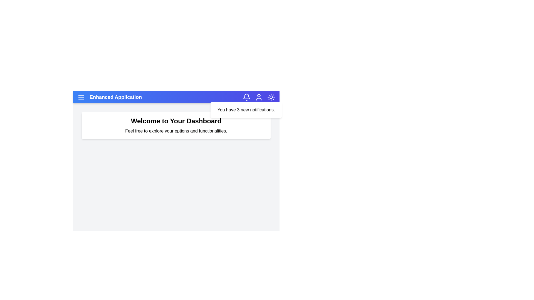  I want to click on the bell icon to toggle the visibility of the notifications, so click(246, 97).